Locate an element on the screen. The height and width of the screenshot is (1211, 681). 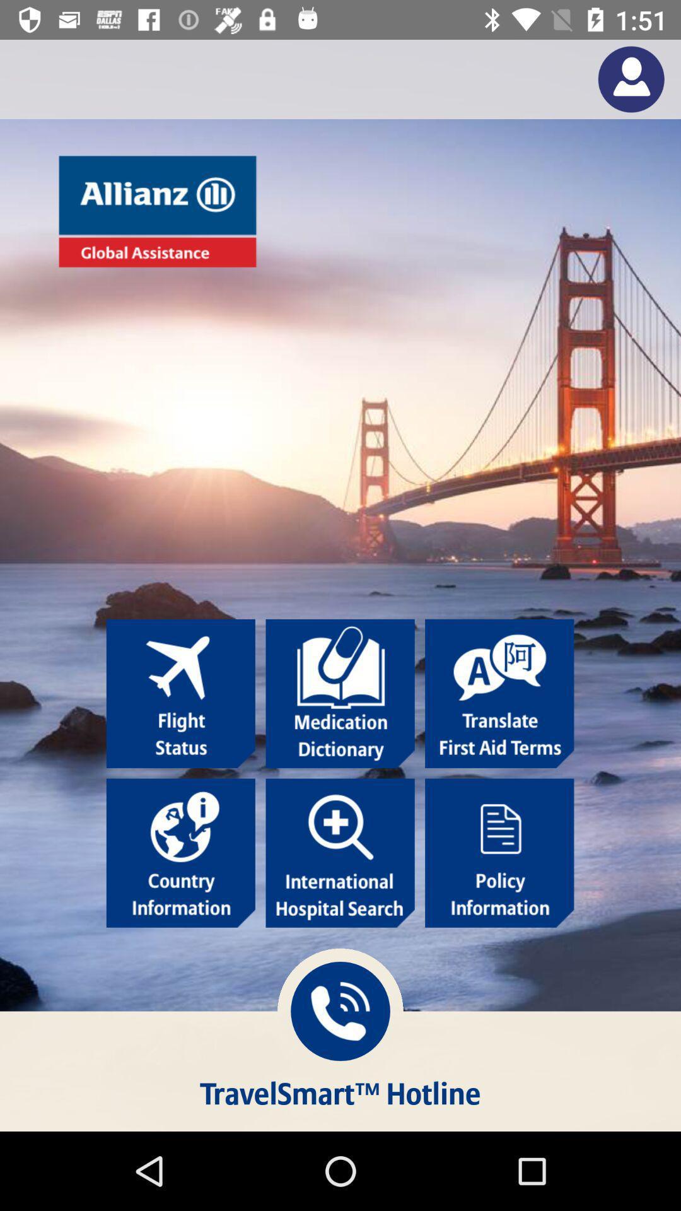
open fligh statusa is located at coordinates (180, 693).